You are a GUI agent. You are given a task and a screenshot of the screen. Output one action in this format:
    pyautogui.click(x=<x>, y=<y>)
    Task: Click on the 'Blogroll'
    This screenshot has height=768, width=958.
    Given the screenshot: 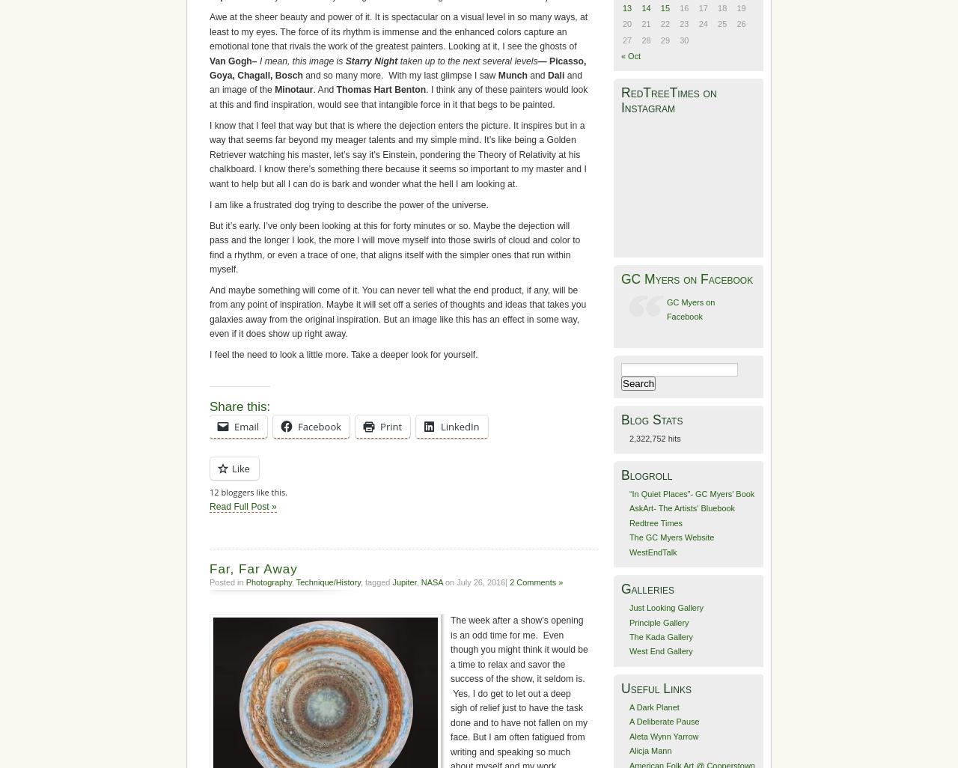 What is the action you would take?
    pyautogui.click(x=647, y=474)
    